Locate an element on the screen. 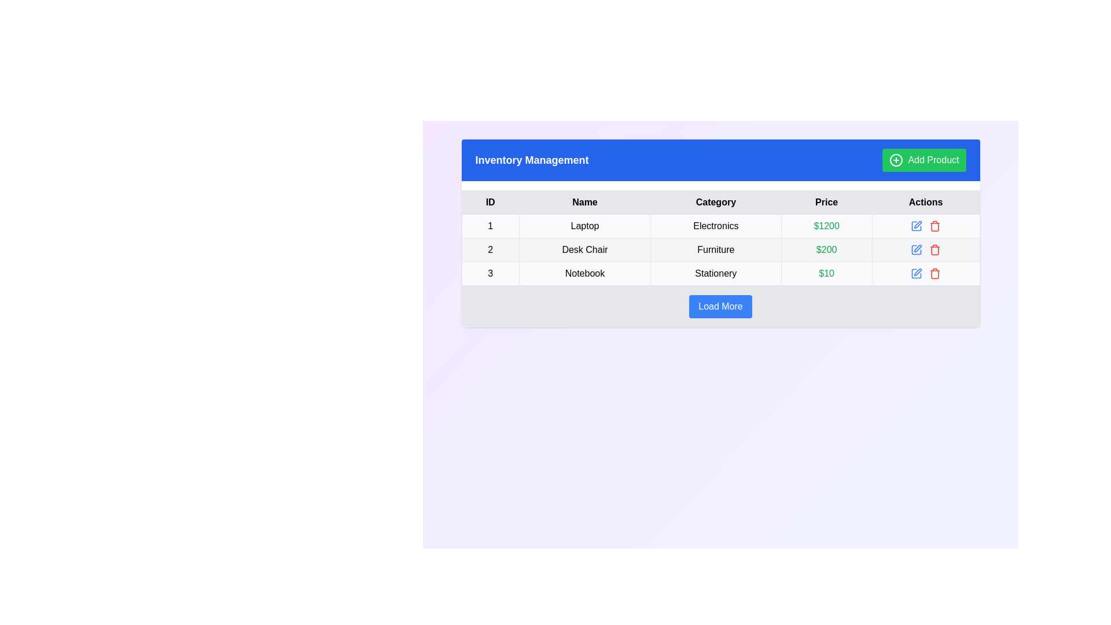 The height and width of the screenshot is (625, 1111). the third row in the Inventory Management table that contains the product entry for Notebook, with ID 3, category Stationery, and price $10 is located at coordinates (720, 274).